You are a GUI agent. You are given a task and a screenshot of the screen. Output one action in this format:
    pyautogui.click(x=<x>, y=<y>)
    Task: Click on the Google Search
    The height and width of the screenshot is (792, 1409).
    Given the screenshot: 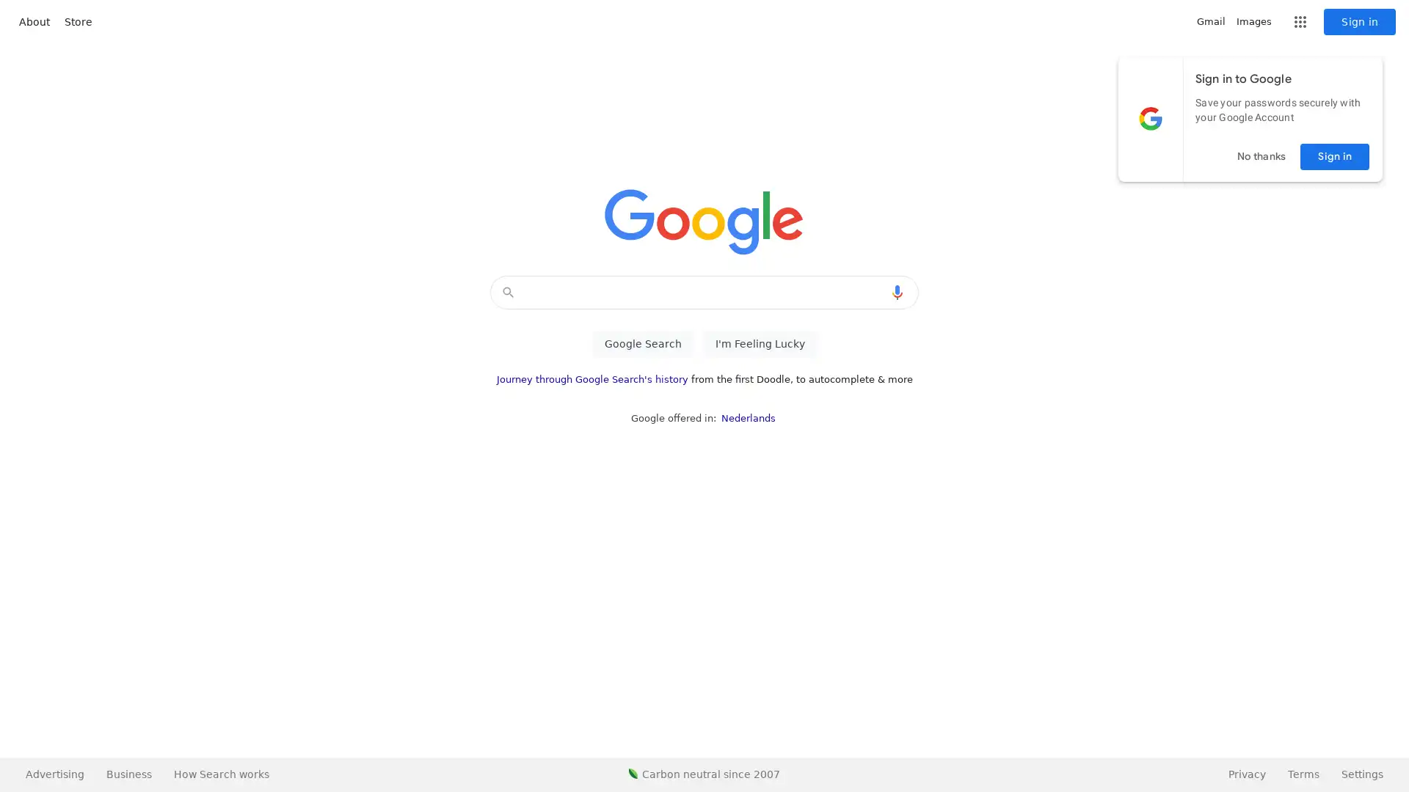 What is the action you would take?
    pyautogui.click(x=642, y=344)
    